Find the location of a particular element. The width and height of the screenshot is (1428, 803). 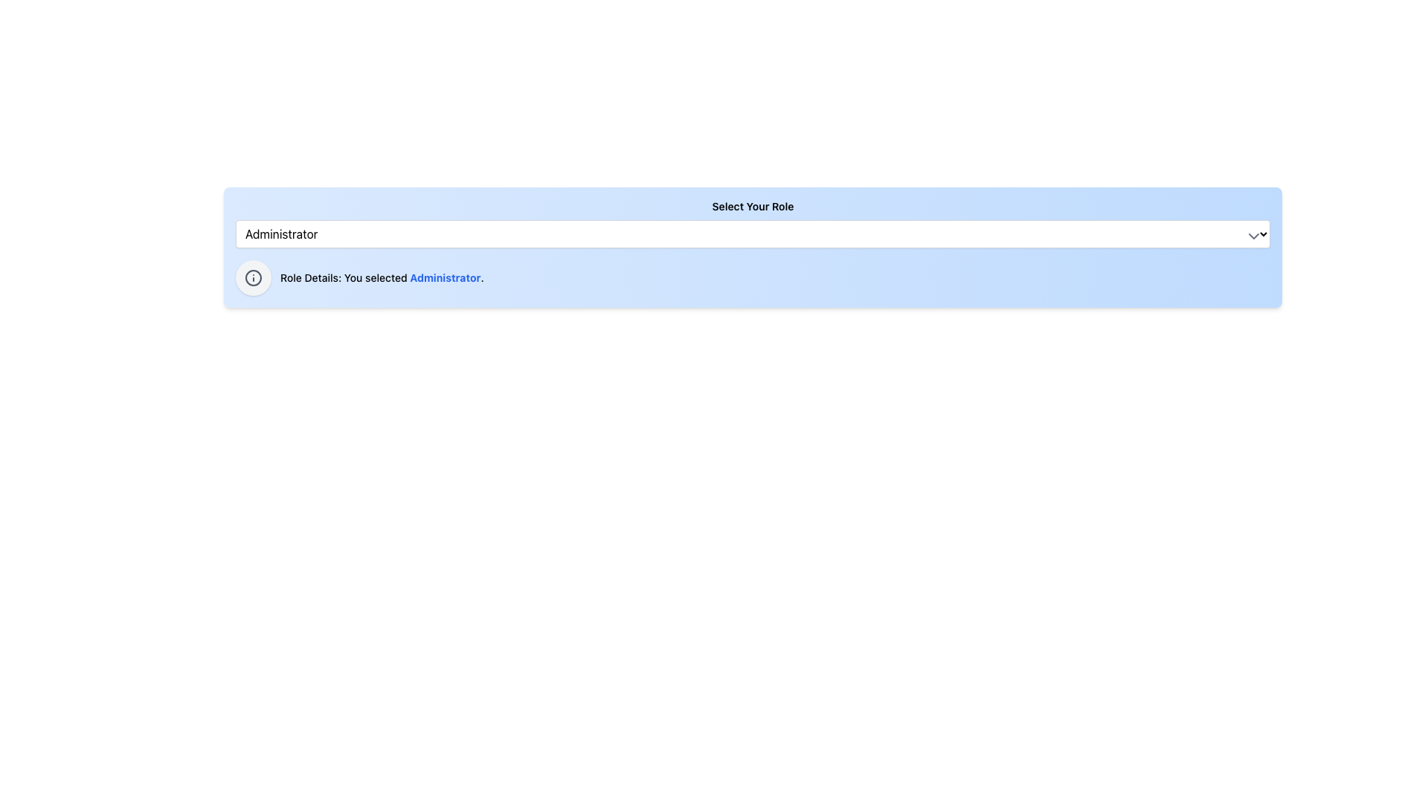

the small, circular icon with a grey border and a light grey background that contains a minimalist information symbol, located near the top-left part of the 'Role Details' section is located at coordinates (253, 278).